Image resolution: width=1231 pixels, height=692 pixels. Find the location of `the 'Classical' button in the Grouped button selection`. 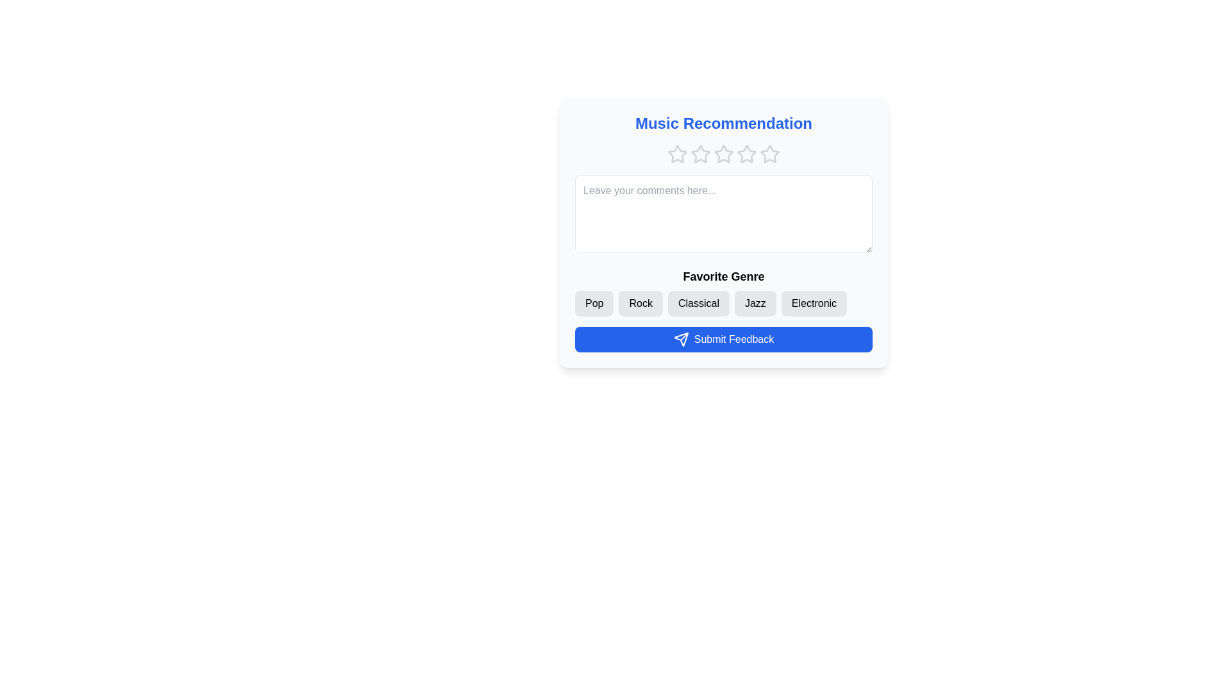

the 'Classical' button in the Grouped button selection is located at coordinates (723, 292).